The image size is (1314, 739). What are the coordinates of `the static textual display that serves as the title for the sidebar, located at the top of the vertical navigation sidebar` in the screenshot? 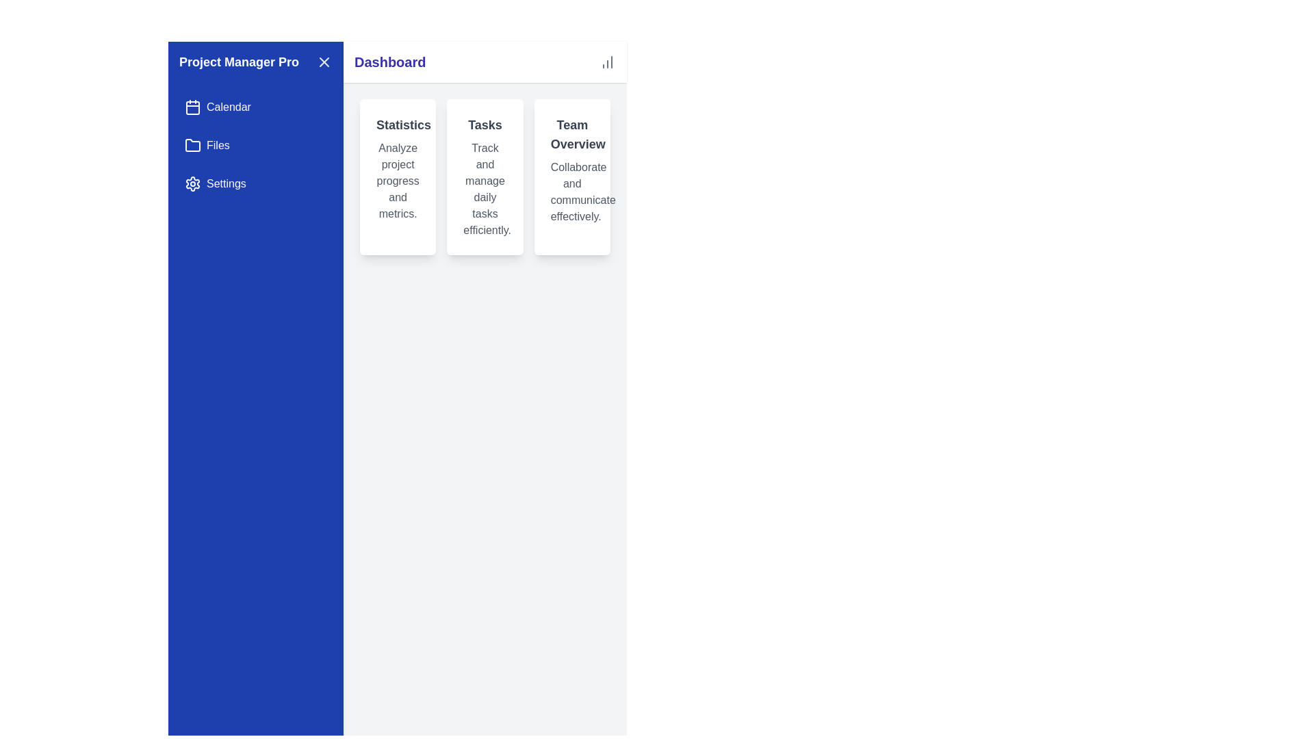 It's located at (256, 62).